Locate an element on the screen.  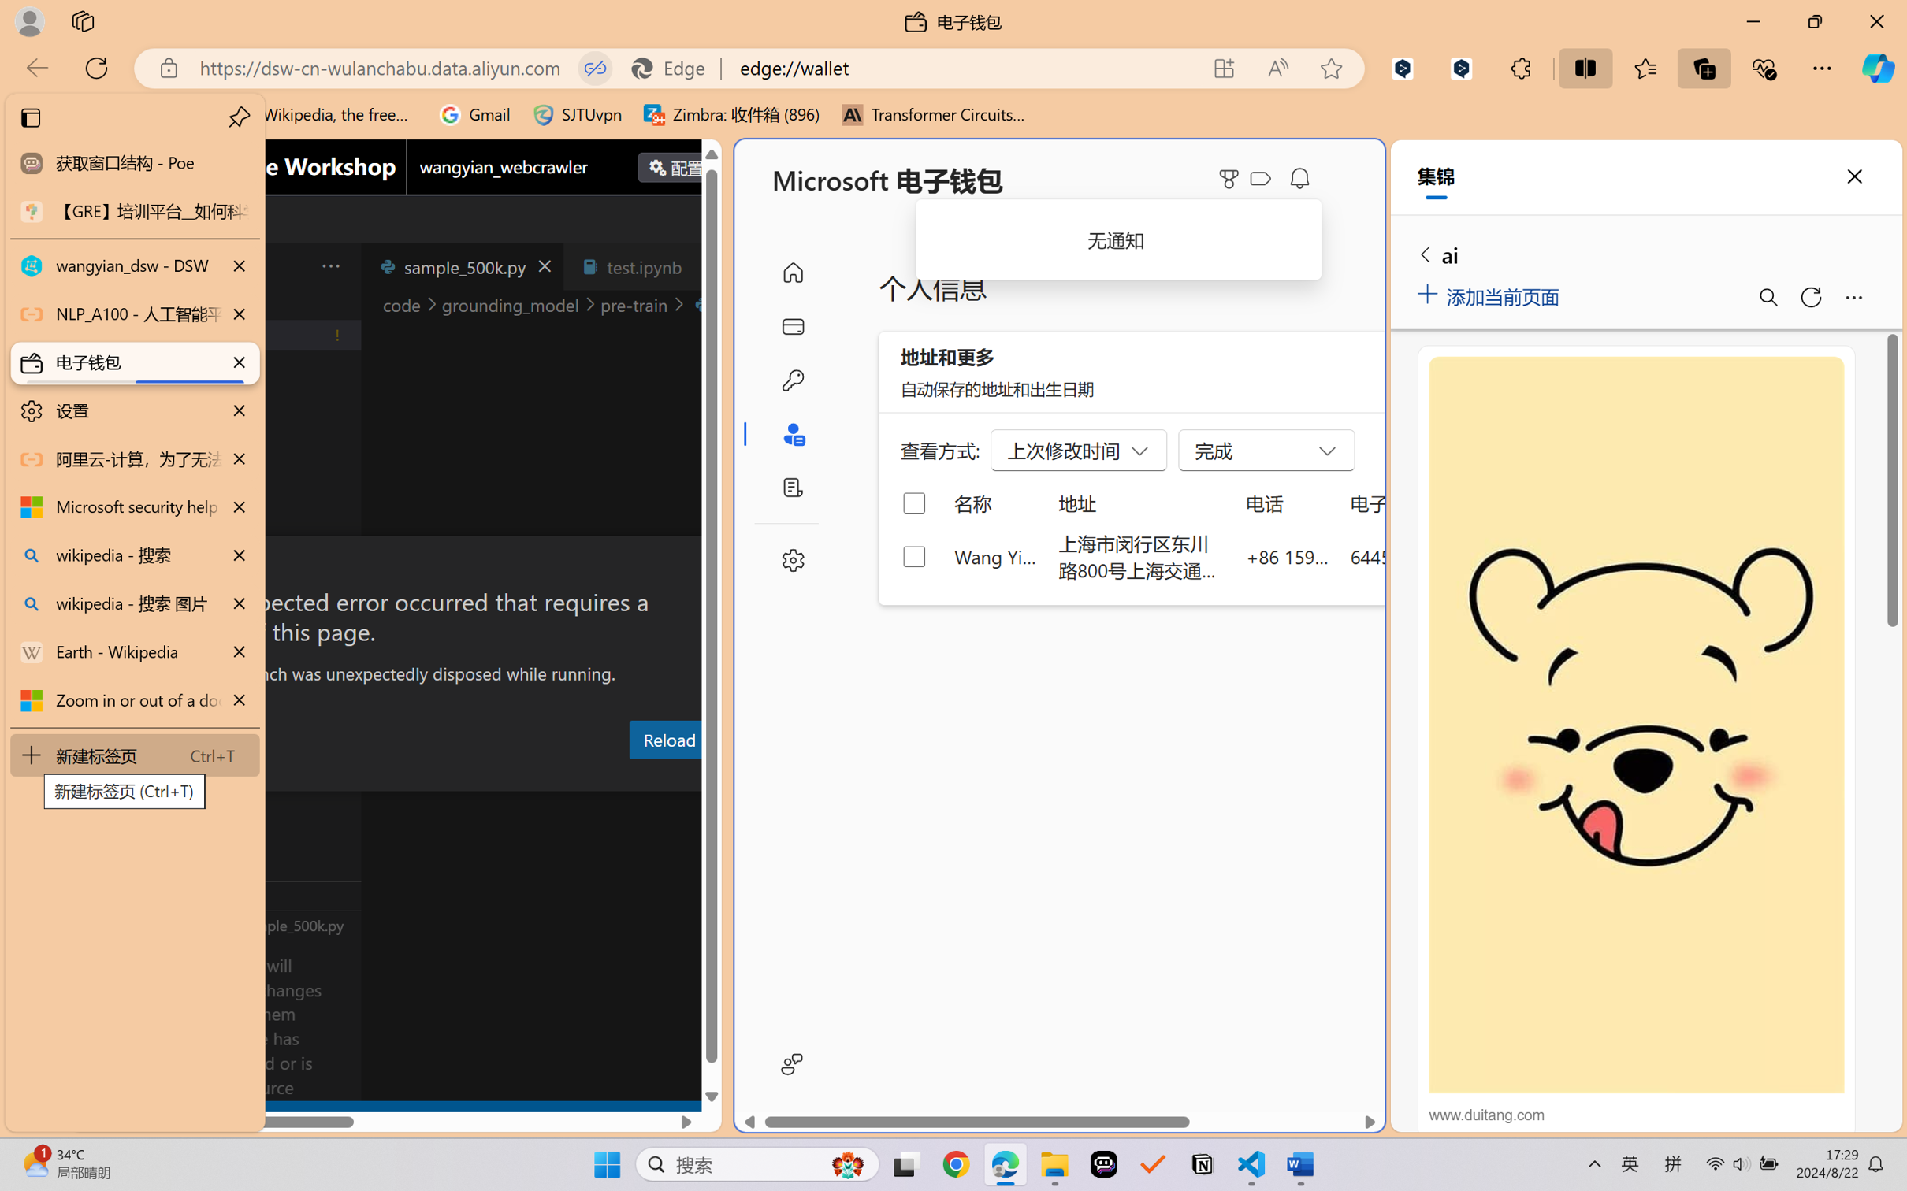
'Terminal (Ctrl+`)' is located at coordinates (760, 777).